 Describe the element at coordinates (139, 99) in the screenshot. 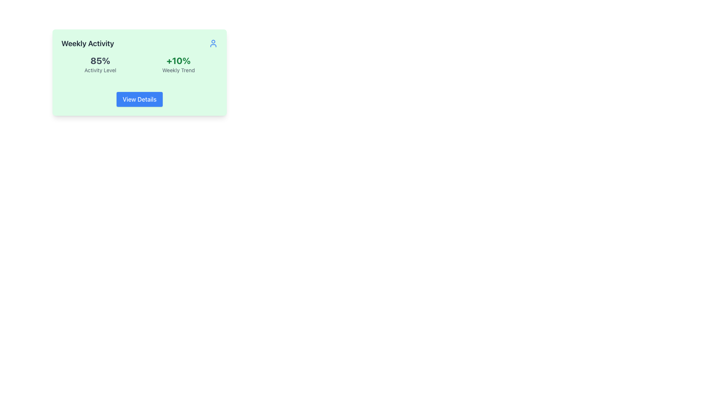

I see `the 'View Details' button, which has white text on a blue background and is located at the bottom-center of a card-like component` at that location.